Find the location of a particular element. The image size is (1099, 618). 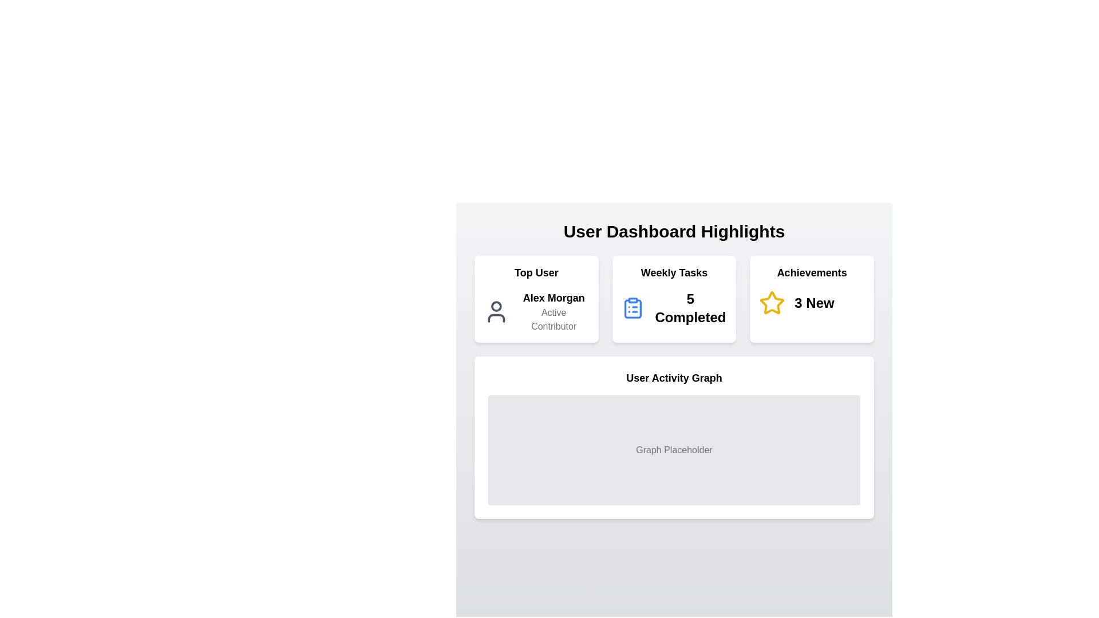

the clipboard icon with a blue-colored border and lines located in the 'Weekly Tasks' section of the 'User Dashboard Highlights', positioned to the left of the '5 Completed' text is located at coordinates (632, 308).